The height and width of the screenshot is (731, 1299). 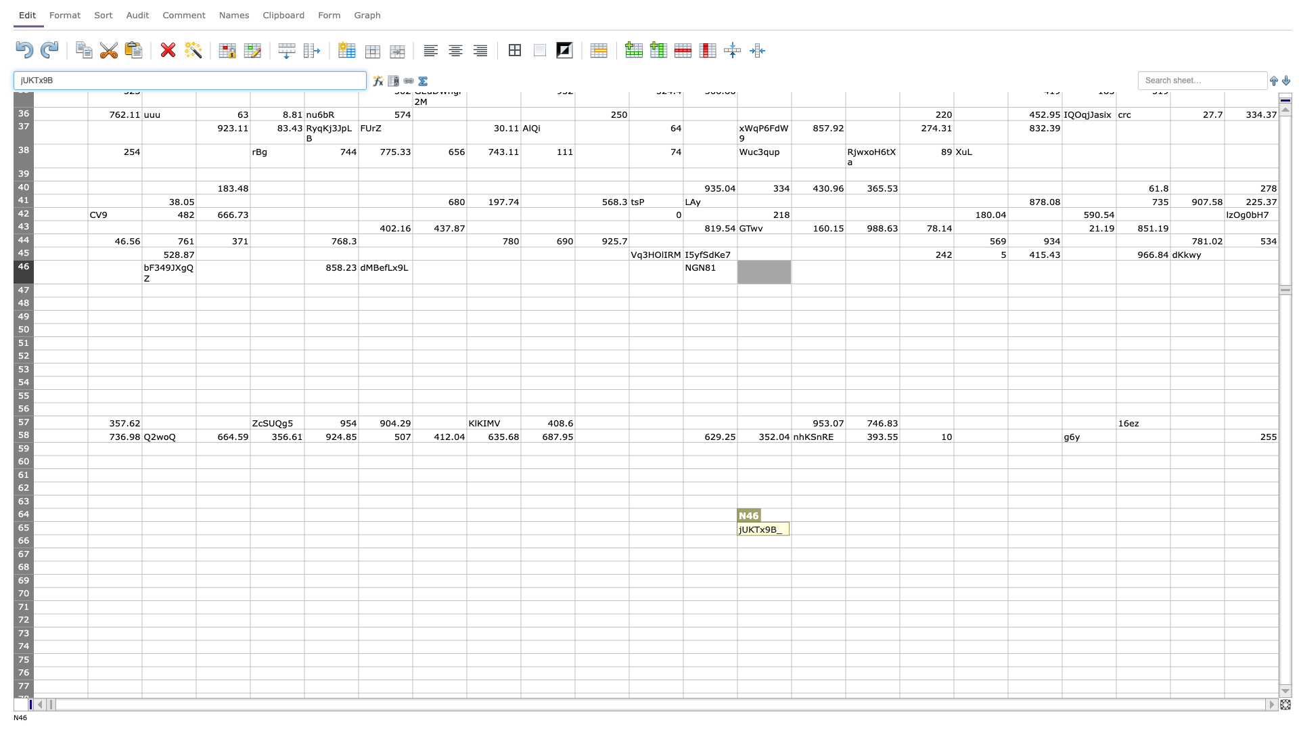 What do you see at coordinates (844, 547) in the screenshot?
I see `Auto-fill point of cell O66` at bounding box center [844, 547].